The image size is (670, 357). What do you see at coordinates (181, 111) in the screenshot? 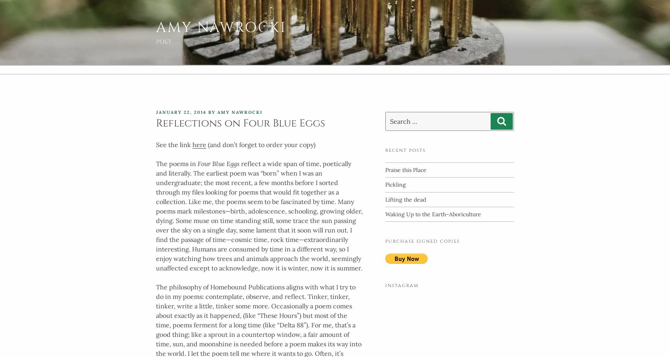
I see `'January 22, 2014'` at bounding box center [181, 111].